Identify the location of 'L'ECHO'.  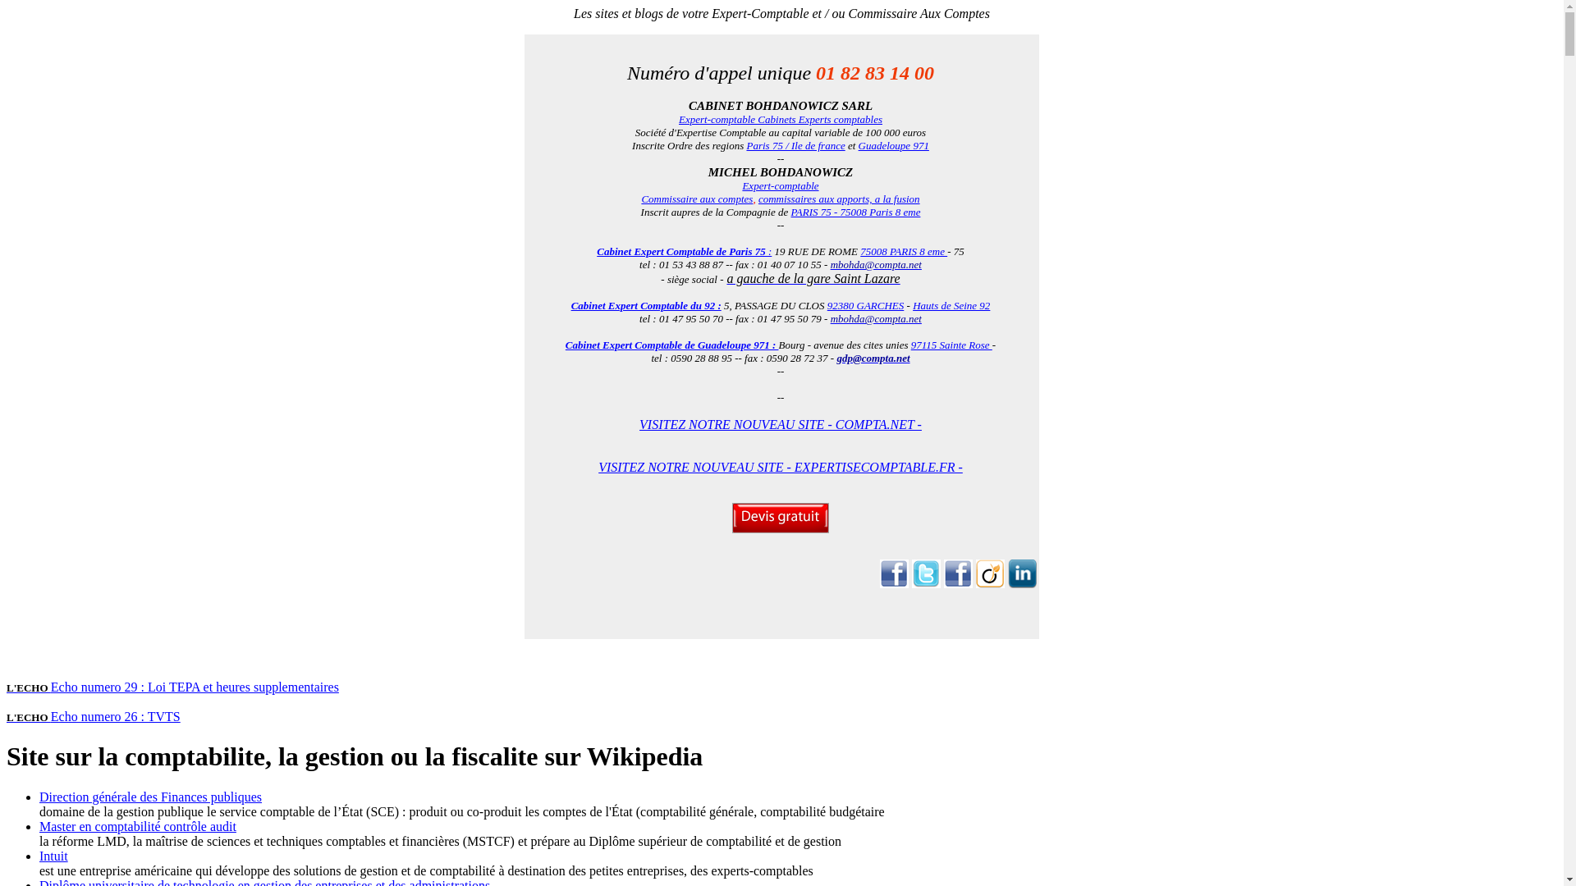
(28, 687).